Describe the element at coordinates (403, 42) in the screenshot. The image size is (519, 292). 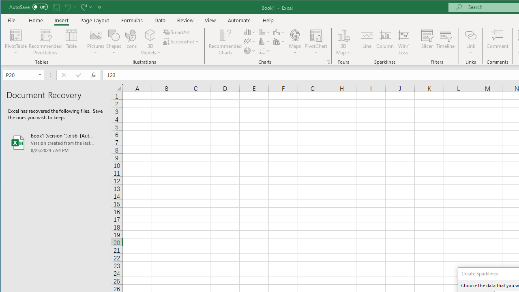
I see `'Win/Loss'` at that location.